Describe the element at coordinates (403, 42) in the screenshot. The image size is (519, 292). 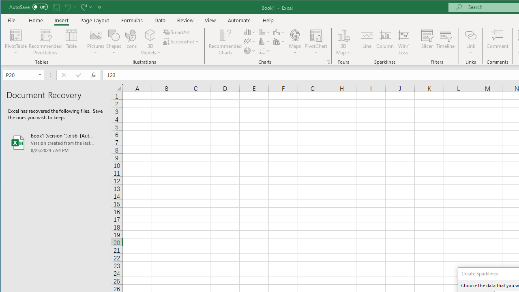
I see `'Win/Loss'` at that location.